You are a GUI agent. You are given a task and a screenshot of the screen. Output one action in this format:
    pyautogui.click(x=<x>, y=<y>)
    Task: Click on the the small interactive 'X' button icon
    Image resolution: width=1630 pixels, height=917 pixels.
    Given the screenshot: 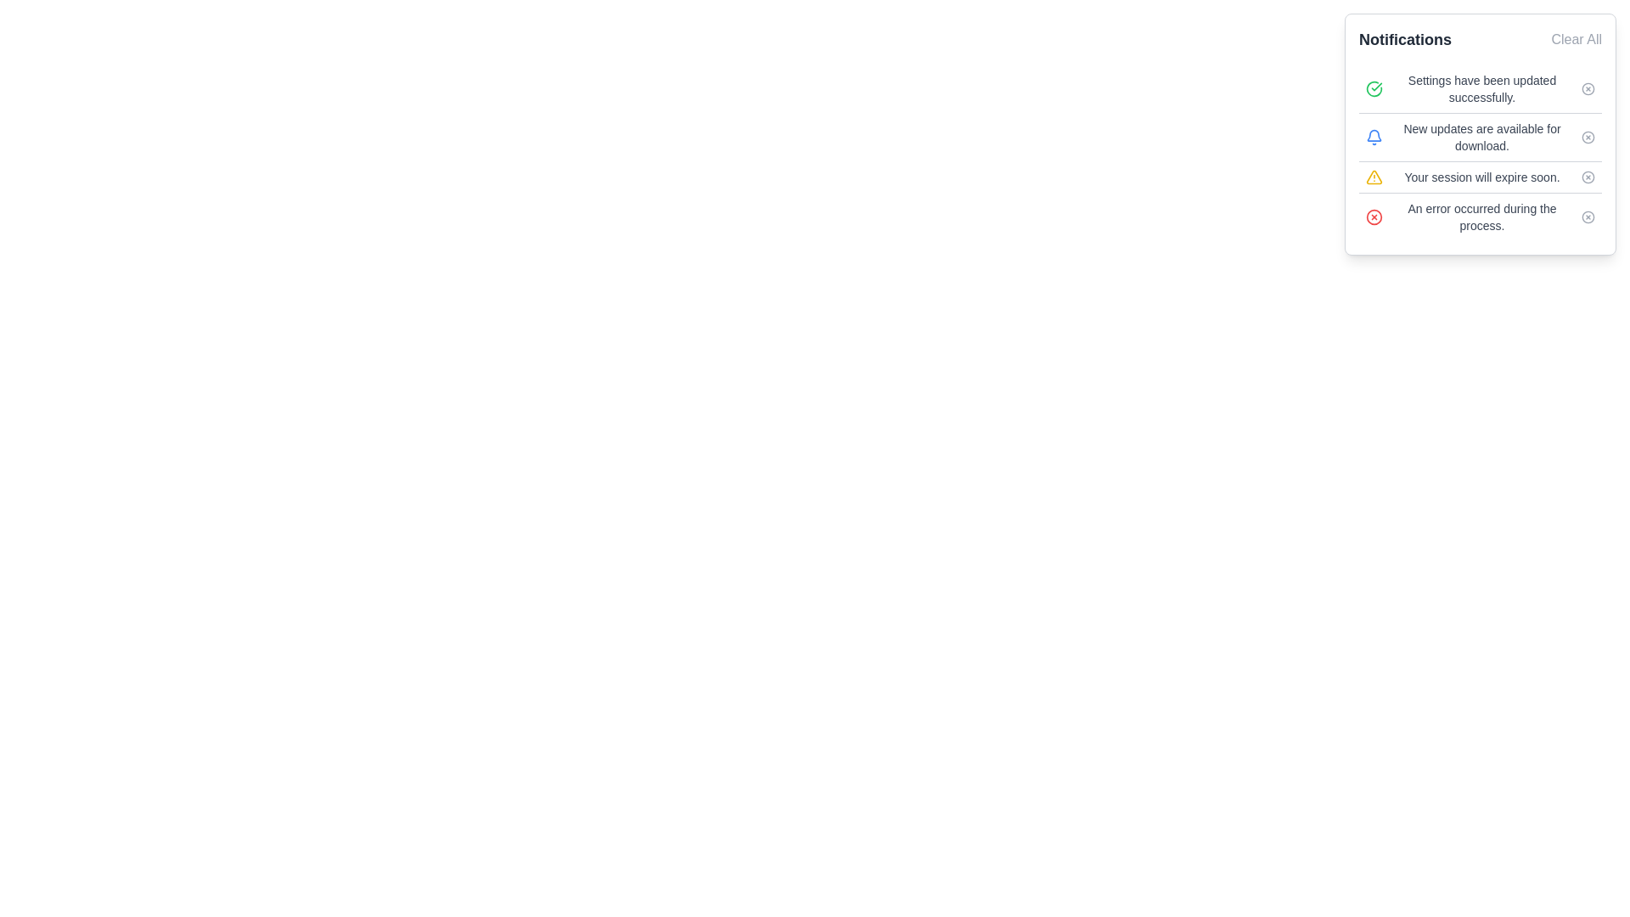 What is the action you would take?
    pyautogui.click(x=1588, y=88)
    